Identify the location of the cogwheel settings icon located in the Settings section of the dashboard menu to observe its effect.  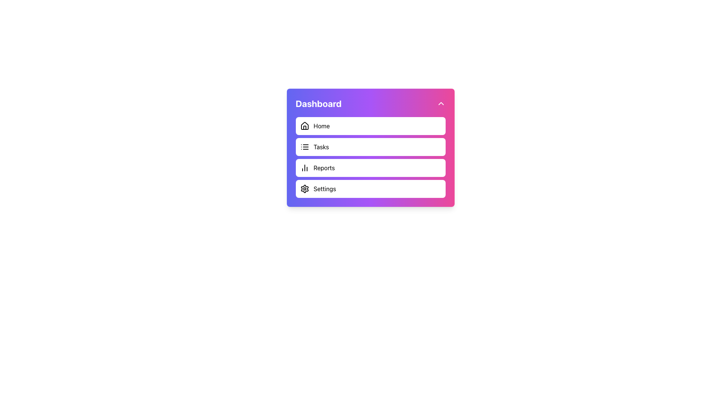
(304, 189).